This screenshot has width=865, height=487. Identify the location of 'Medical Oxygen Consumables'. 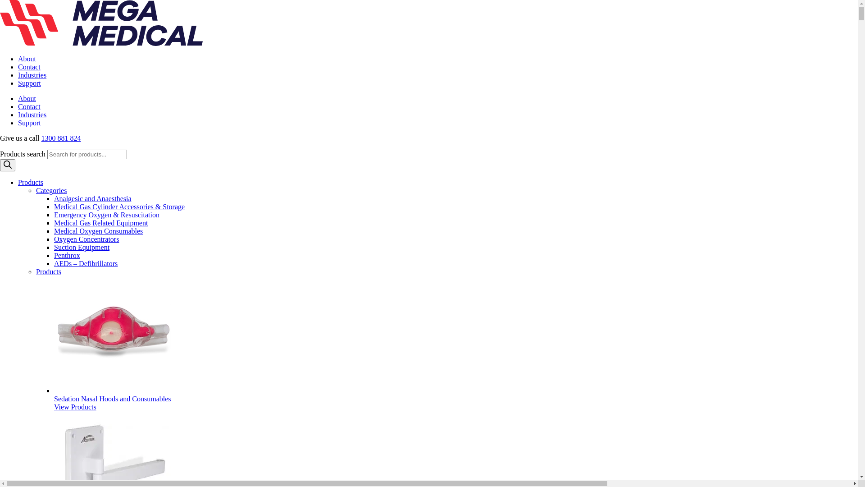
(98, 230).